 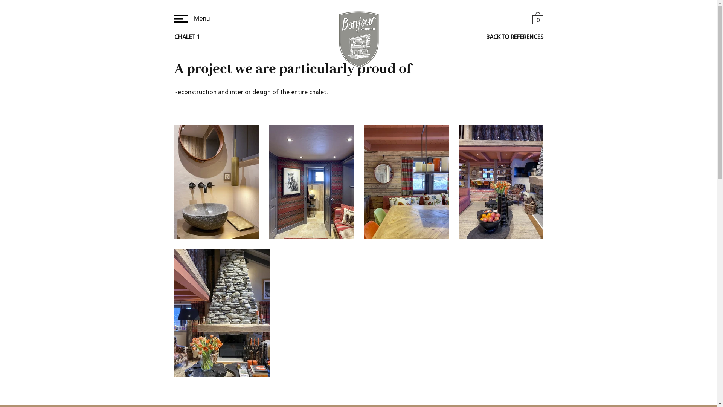 I want to click on 'BACK TO REFERENCES', so click(x=514, y=37).